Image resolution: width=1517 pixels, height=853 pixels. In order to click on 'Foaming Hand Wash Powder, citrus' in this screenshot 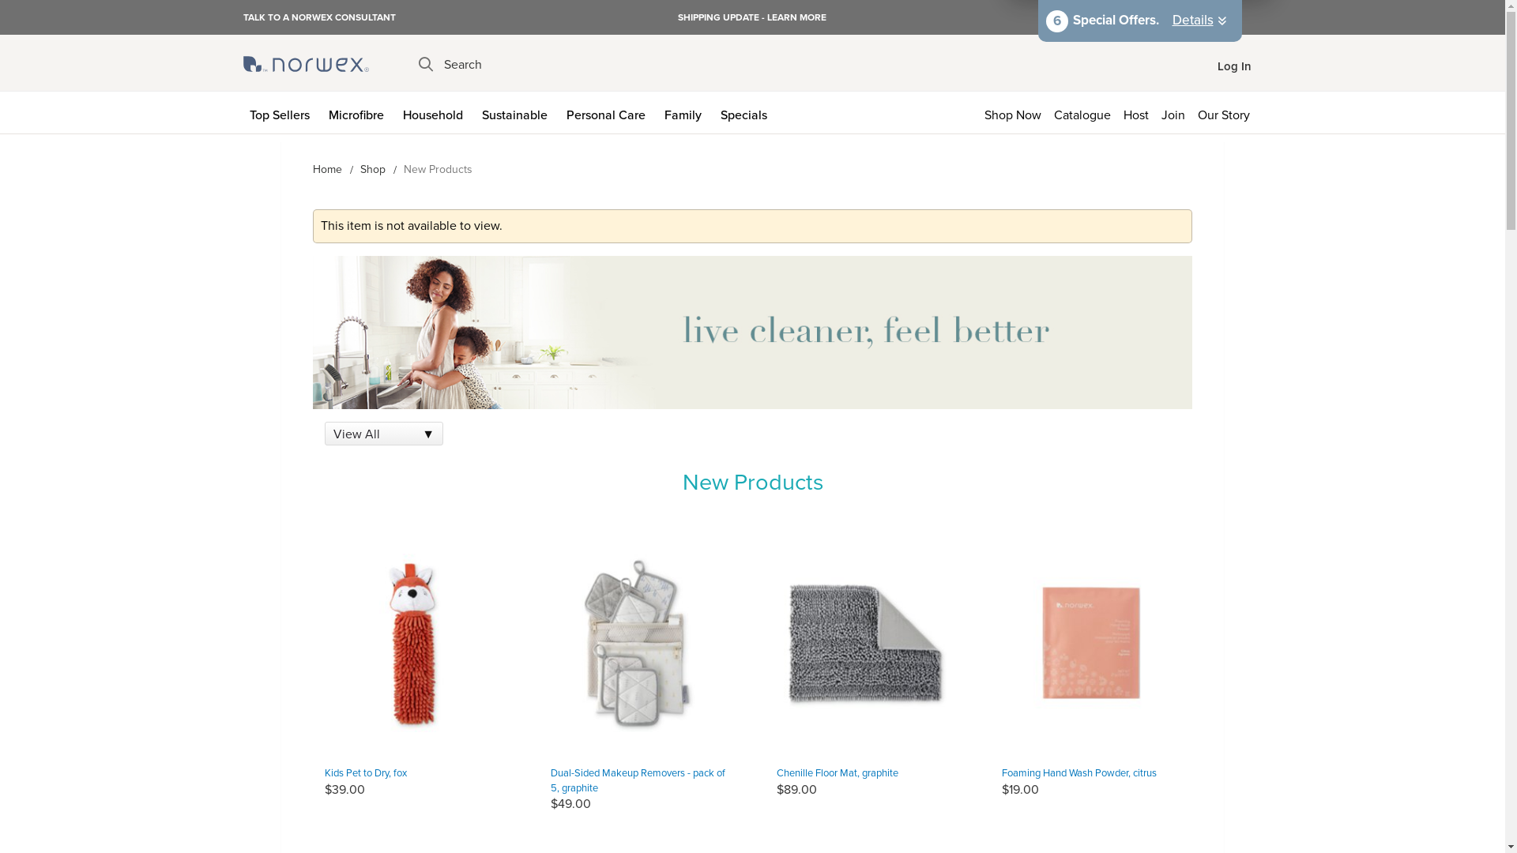, I will do `click(1078, 772)`.